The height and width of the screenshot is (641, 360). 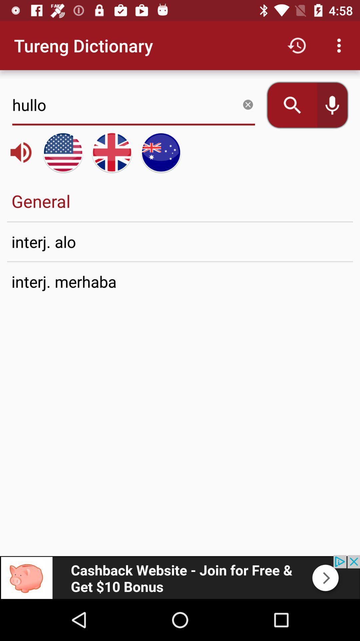 I want to click on cash back website, so click(x=180, y=577).